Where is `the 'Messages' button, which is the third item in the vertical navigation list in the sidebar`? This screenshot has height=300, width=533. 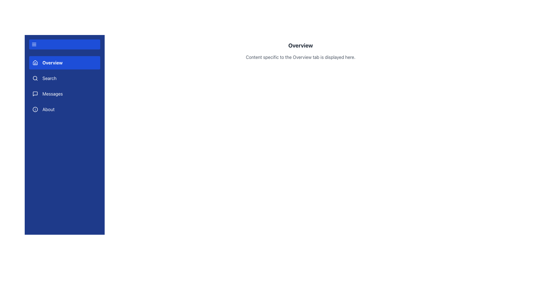
the 'Messages' button, which is the third item in the vertical navigation list in the sidebar is located at coordinates (65, 94).